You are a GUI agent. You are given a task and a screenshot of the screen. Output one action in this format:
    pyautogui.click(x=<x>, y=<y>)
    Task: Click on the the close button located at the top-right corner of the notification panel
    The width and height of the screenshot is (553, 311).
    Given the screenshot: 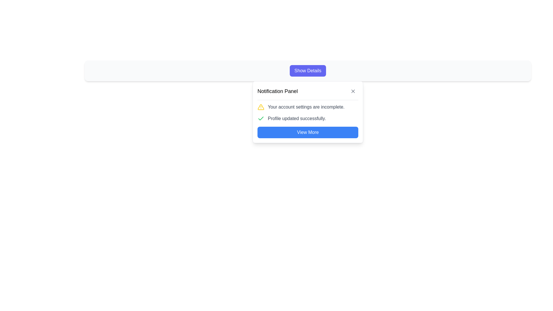 What is the action you would take?
    pyautogui.click(x=353, y=91)
    